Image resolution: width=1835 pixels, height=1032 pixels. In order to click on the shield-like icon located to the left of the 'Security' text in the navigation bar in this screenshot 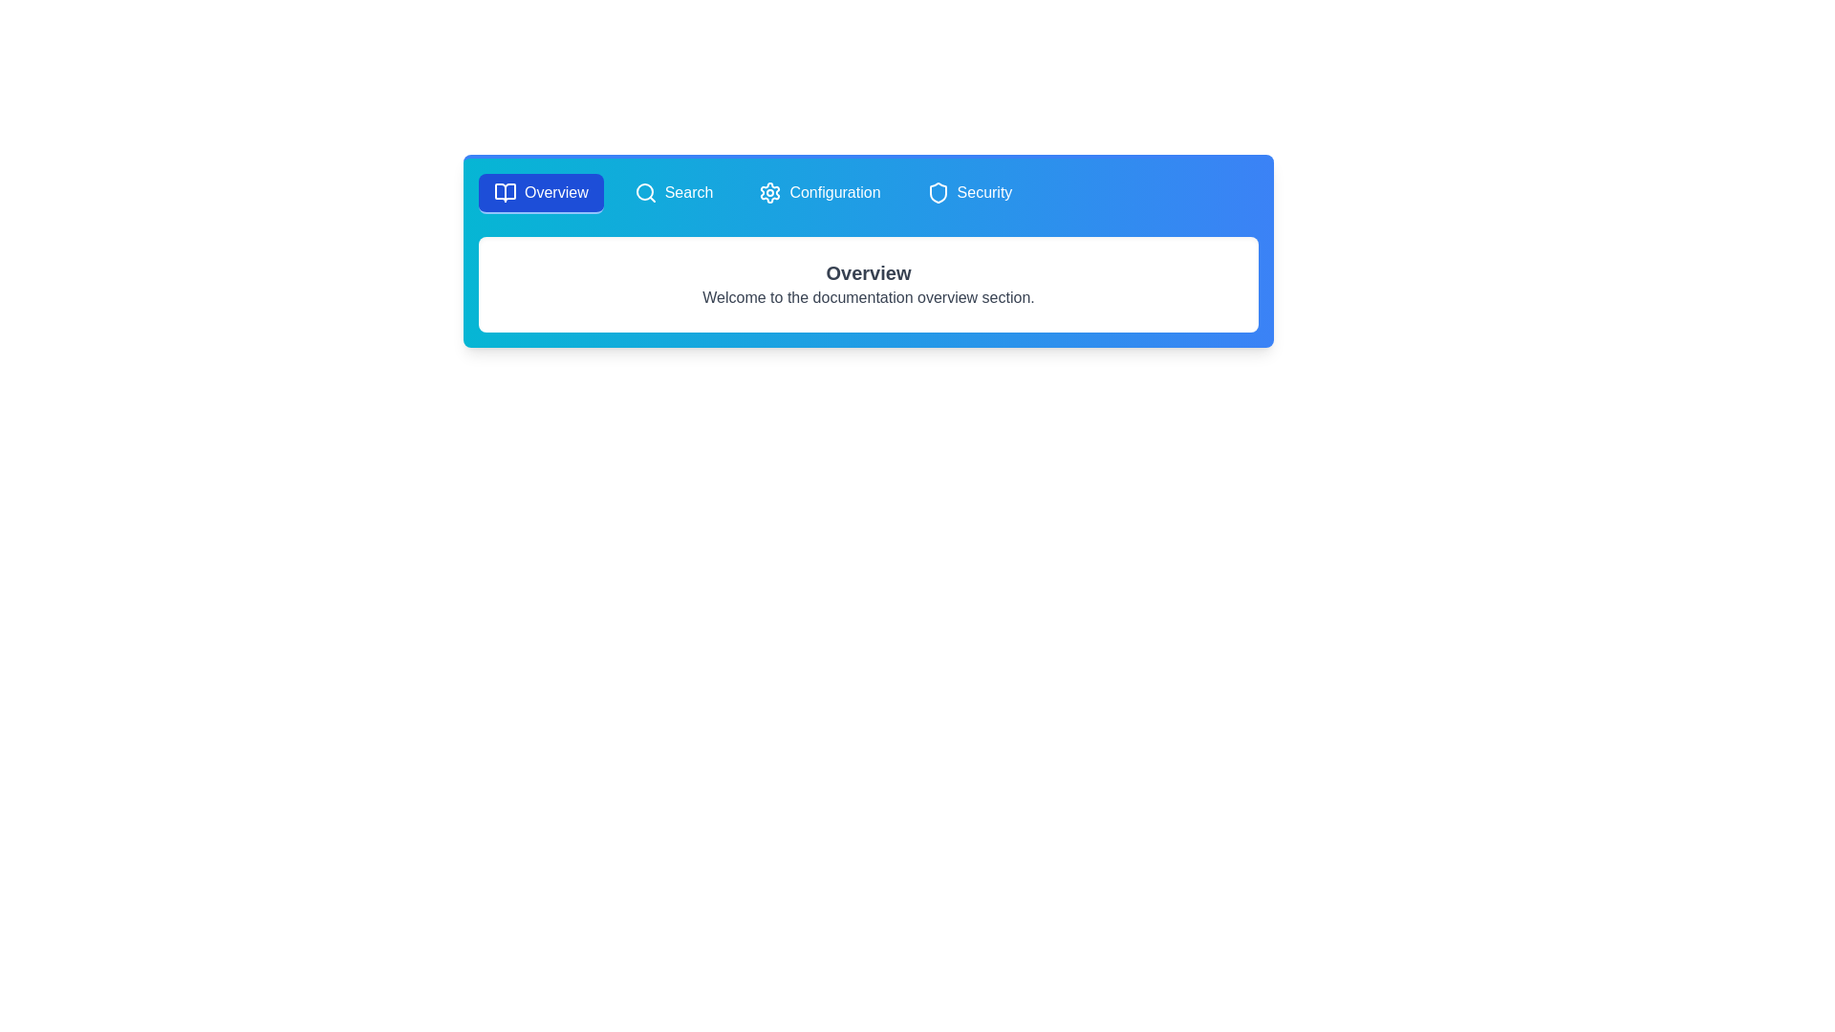, I will do `click(938, 192)`.